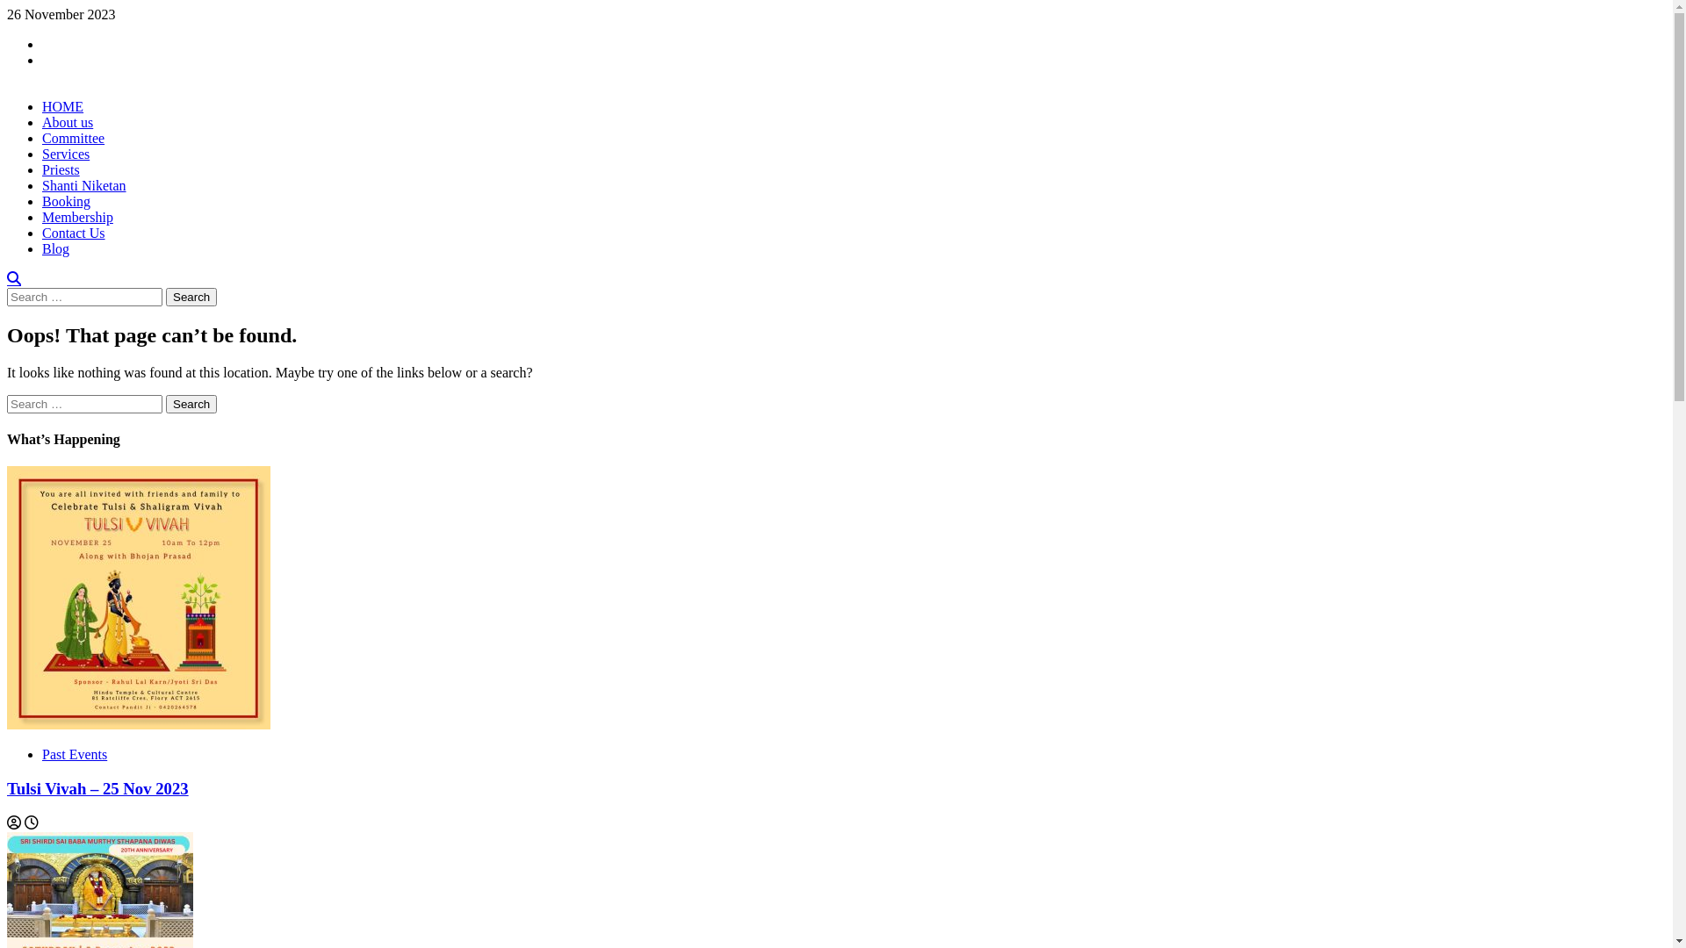 This screenshot has width=1686, height=948. I want to click on 'HOME', so click(62, 106).